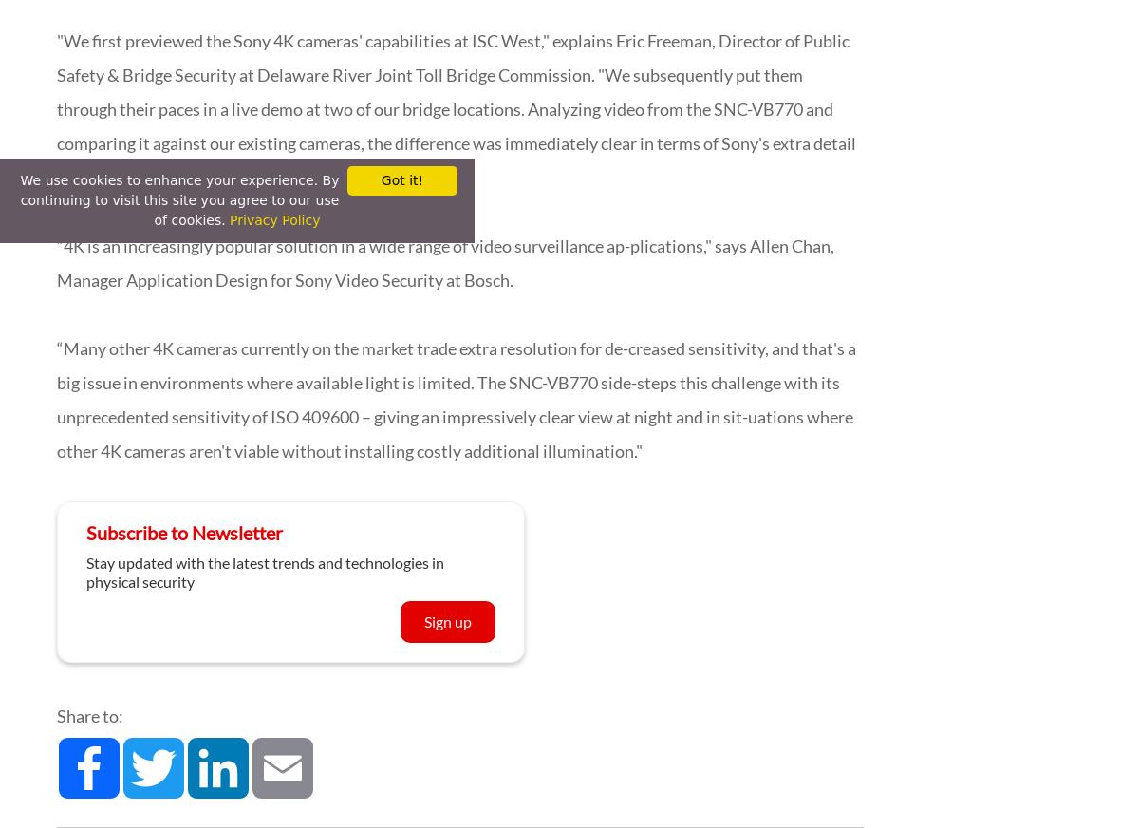  I want to click on 'Share to:', so click(90, 715).